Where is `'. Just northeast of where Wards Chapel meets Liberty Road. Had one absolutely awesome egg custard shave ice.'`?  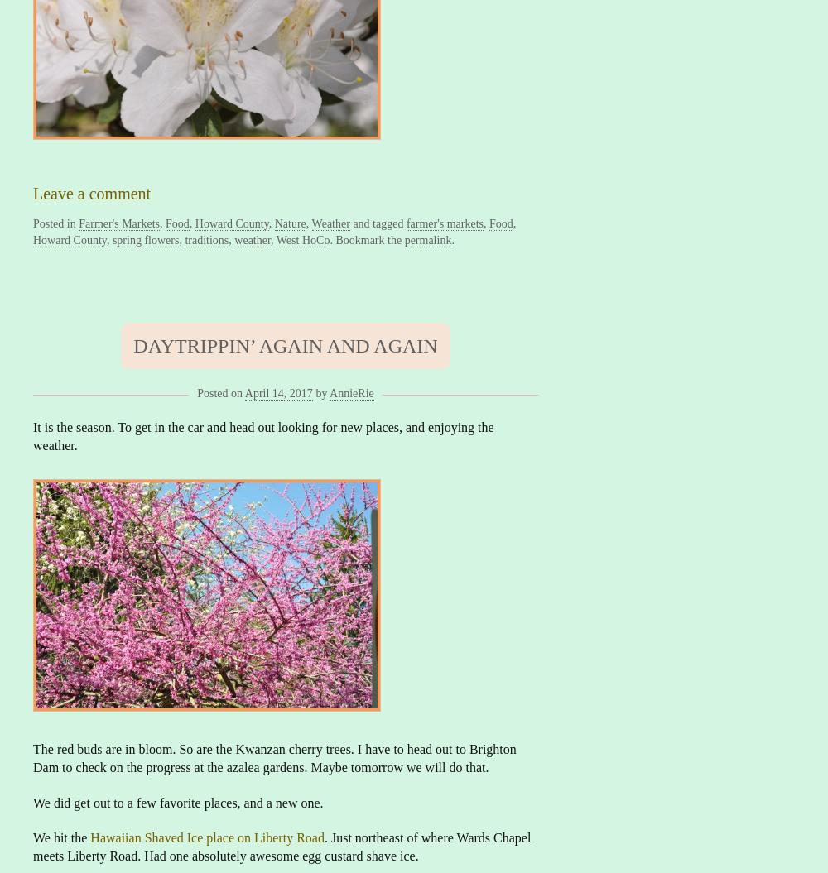 '. Just northeast of where Wards Chapel meets Liberty Road. Had one absolutely awesome egg custard shave ice.' is located at coordinates (33, 846).